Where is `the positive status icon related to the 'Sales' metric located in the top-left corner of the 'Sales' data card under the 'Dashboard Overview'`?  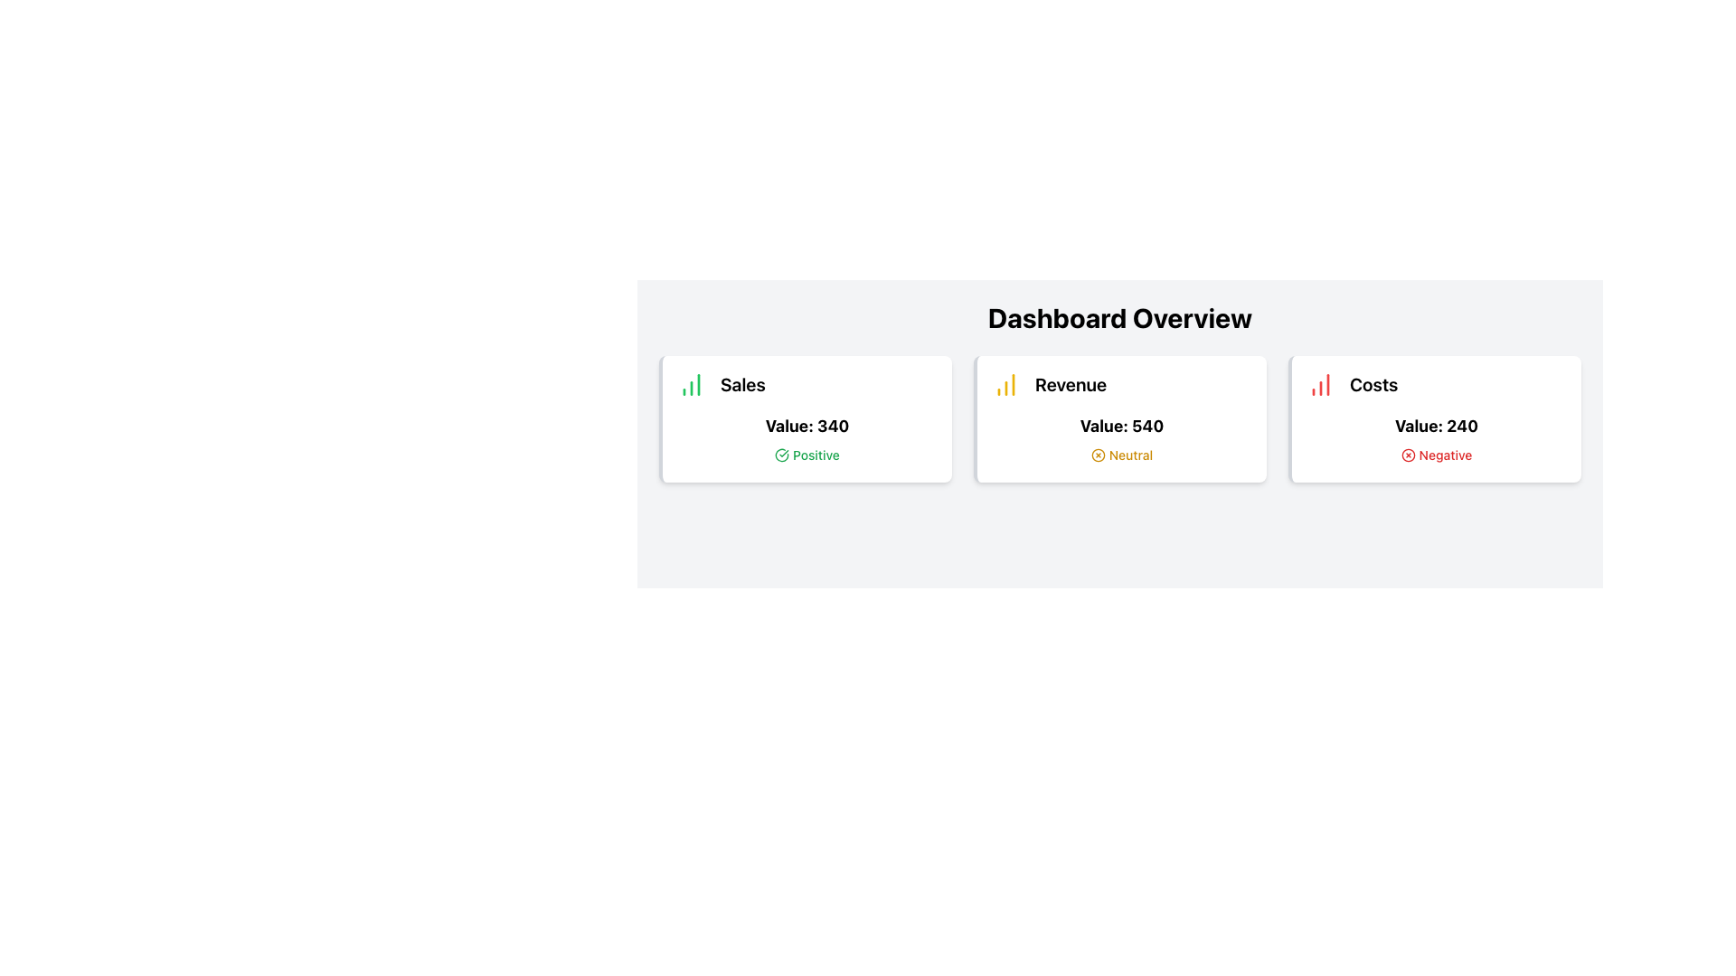 the positive status icon related to the 'Sales' metric located in the top-left corner of the 'Sales' data card under the 'Dashboard Overview' is located at coordinates (782, 455).